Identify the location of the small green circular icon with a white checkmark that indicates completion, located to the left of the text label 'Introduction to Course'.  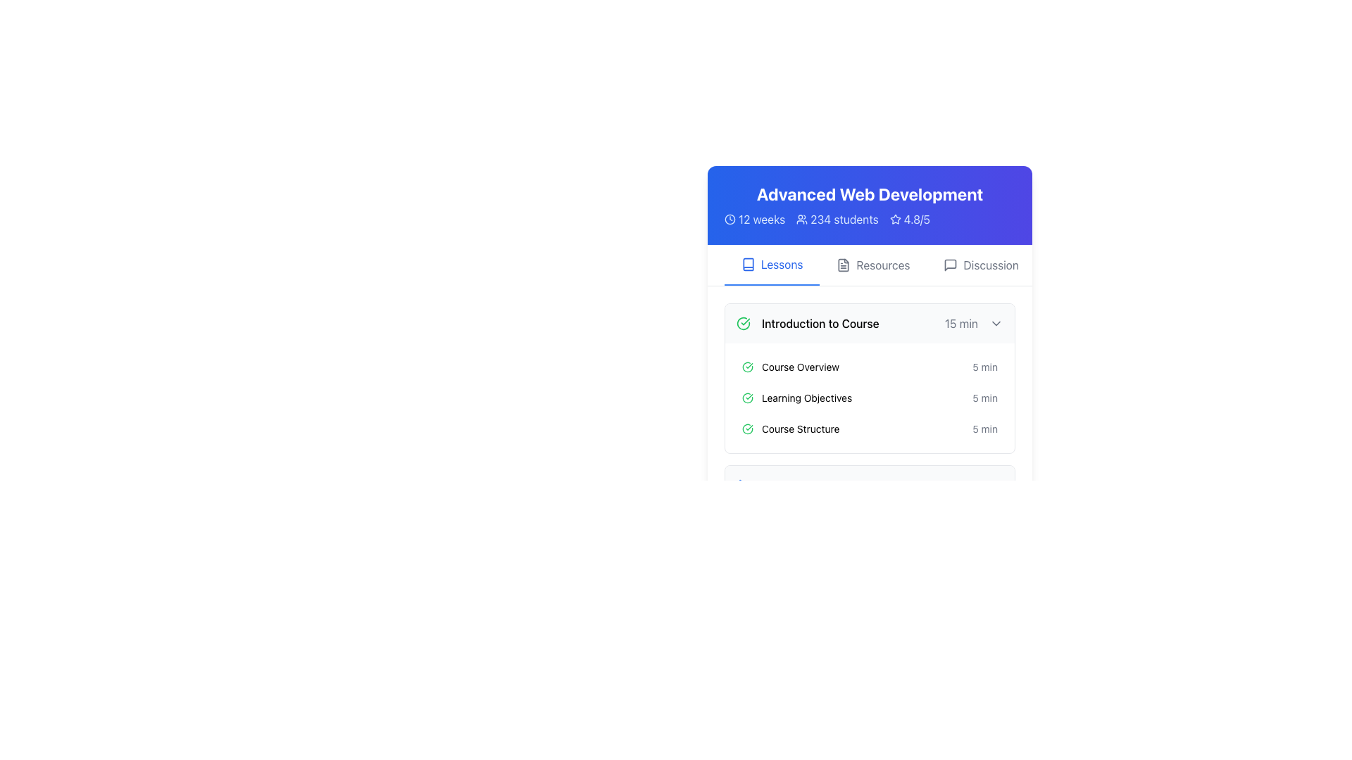
(743, 323).